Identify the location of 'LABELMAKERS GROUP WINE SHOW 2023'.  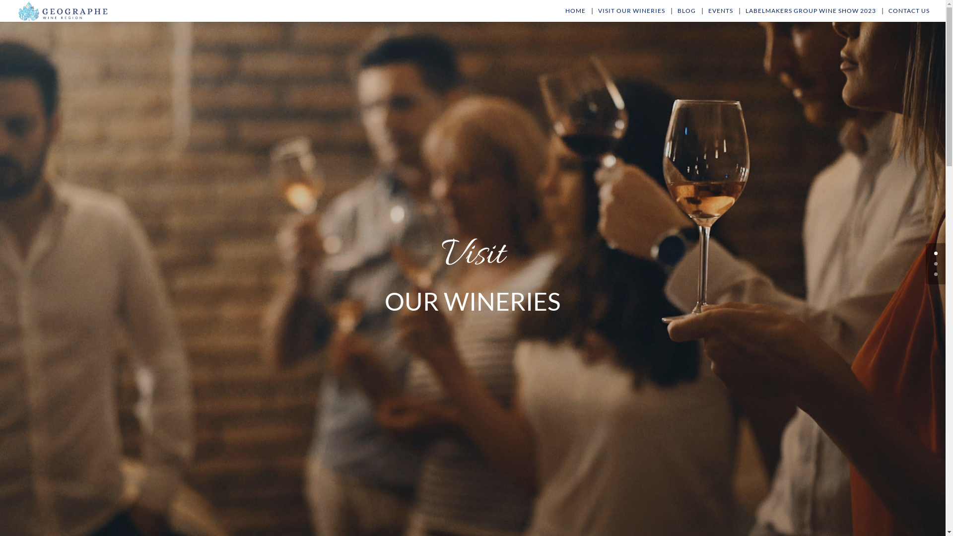
(811, 14).